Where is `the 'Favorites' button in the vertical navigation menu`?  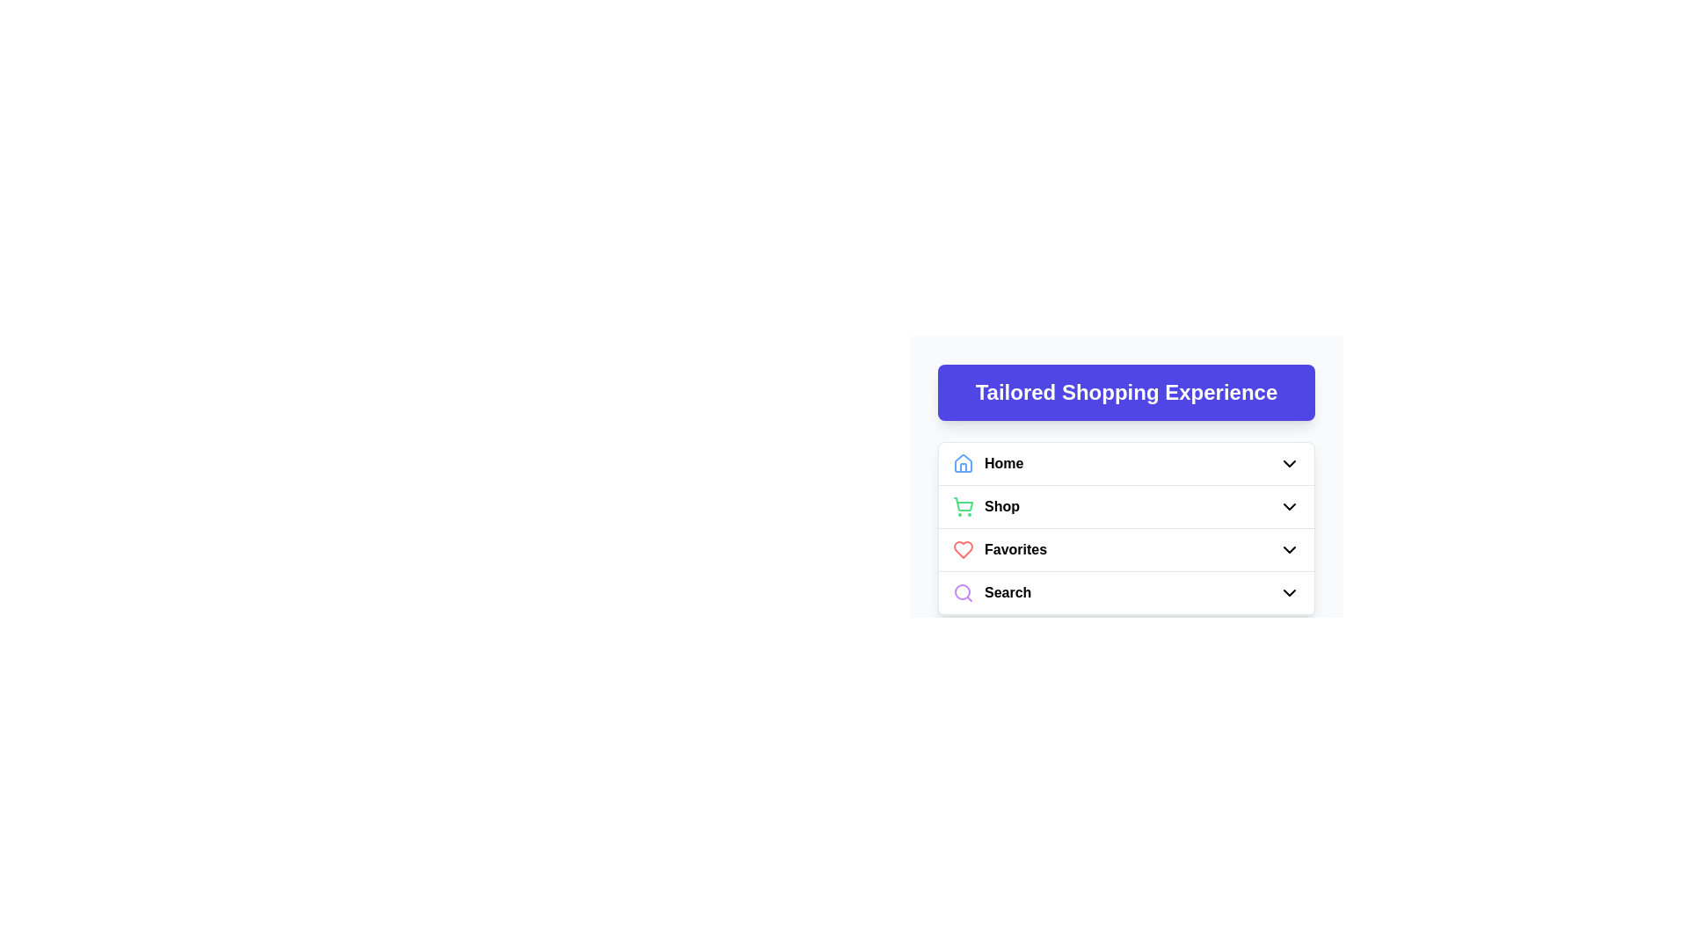 the 'Favorites' button in the vertical navigation menu is located at coordinates (1126, 549).